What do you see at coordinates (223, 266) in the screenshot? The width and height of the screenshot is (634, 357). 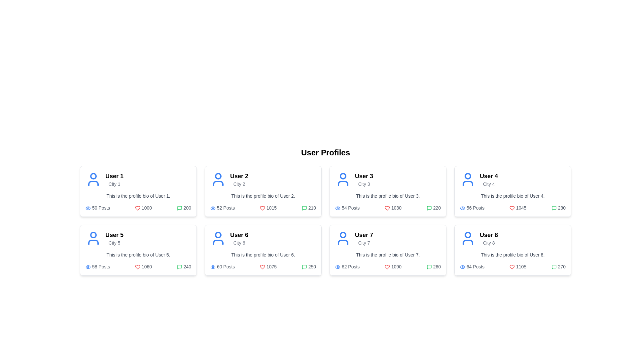 I see `the '60 Posts' text element with the blue eye icon located in the bottom-left corner of User 6's card to associate the visual information with the user's activity` at bounding box center [223, 266].